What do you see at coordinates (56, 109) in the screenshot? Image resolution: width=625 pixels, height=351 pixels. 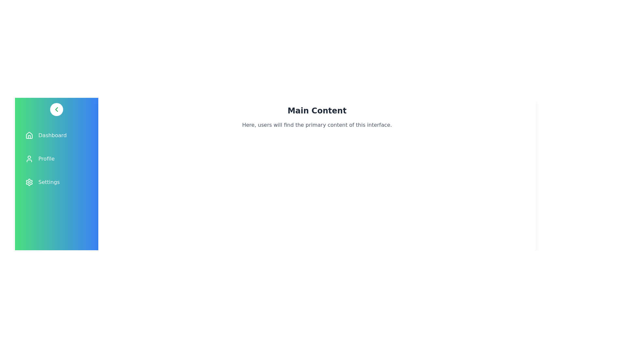 I see `toggle button to open or close the drawer` at bounding box center [56, 109].